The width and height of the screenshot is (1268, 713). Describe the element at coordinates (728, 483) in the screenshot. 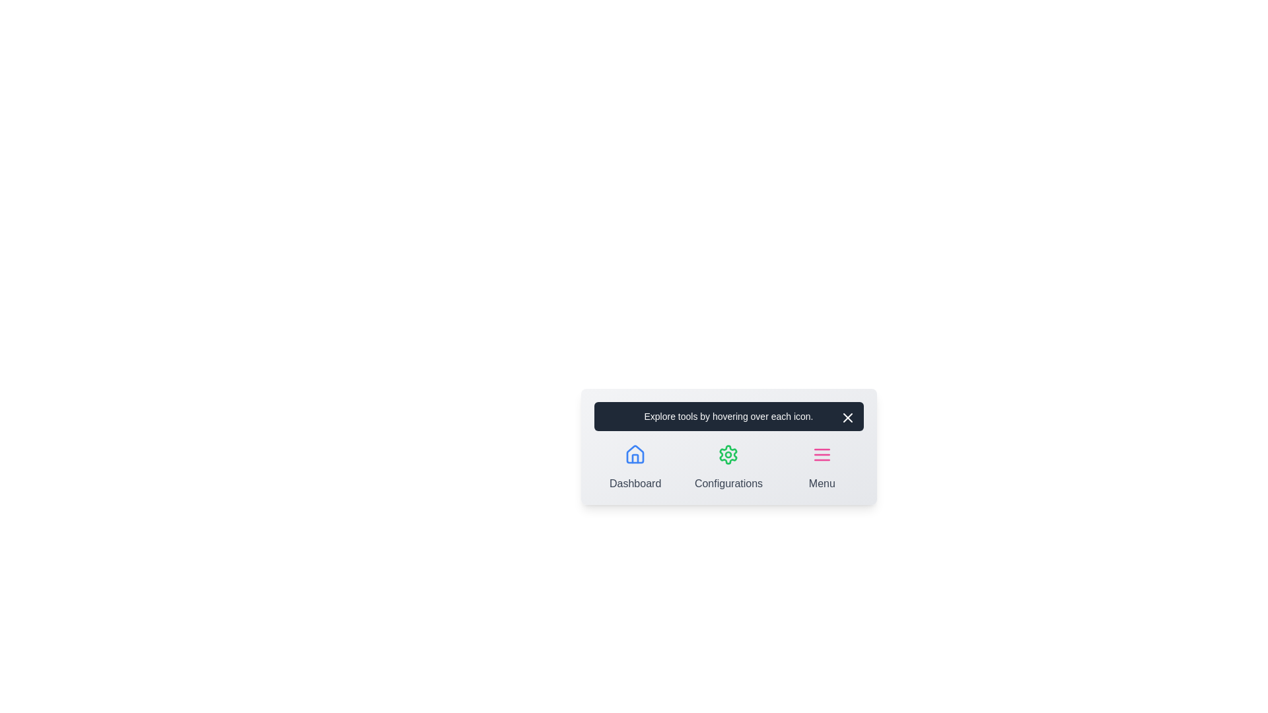

I see `the 'Configurations' label, which displays text in dark gray and is positioned directly beneath the green gear icon in the center of the interface` at that location.